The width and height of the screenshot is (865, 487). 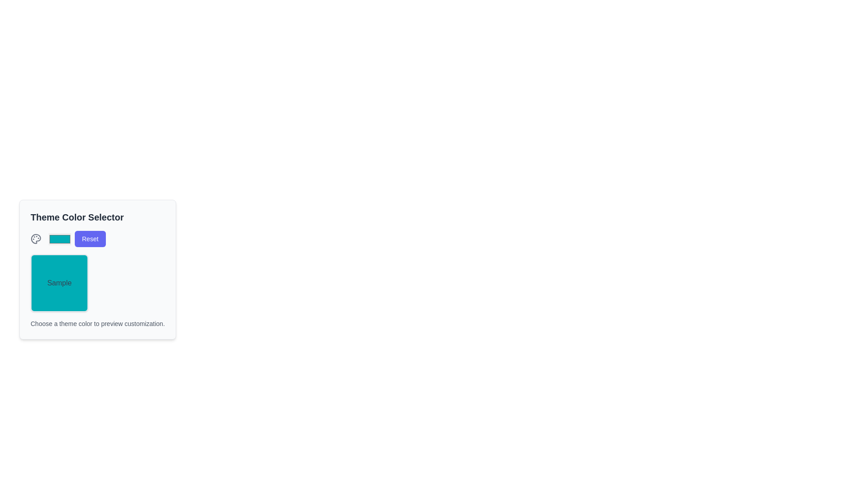 I want to click on the 'Reset' button located on the right side of the top row within the 'Theme Color Selector' interface to reset the theme color settings to their default state, so click(x=90, y=238).